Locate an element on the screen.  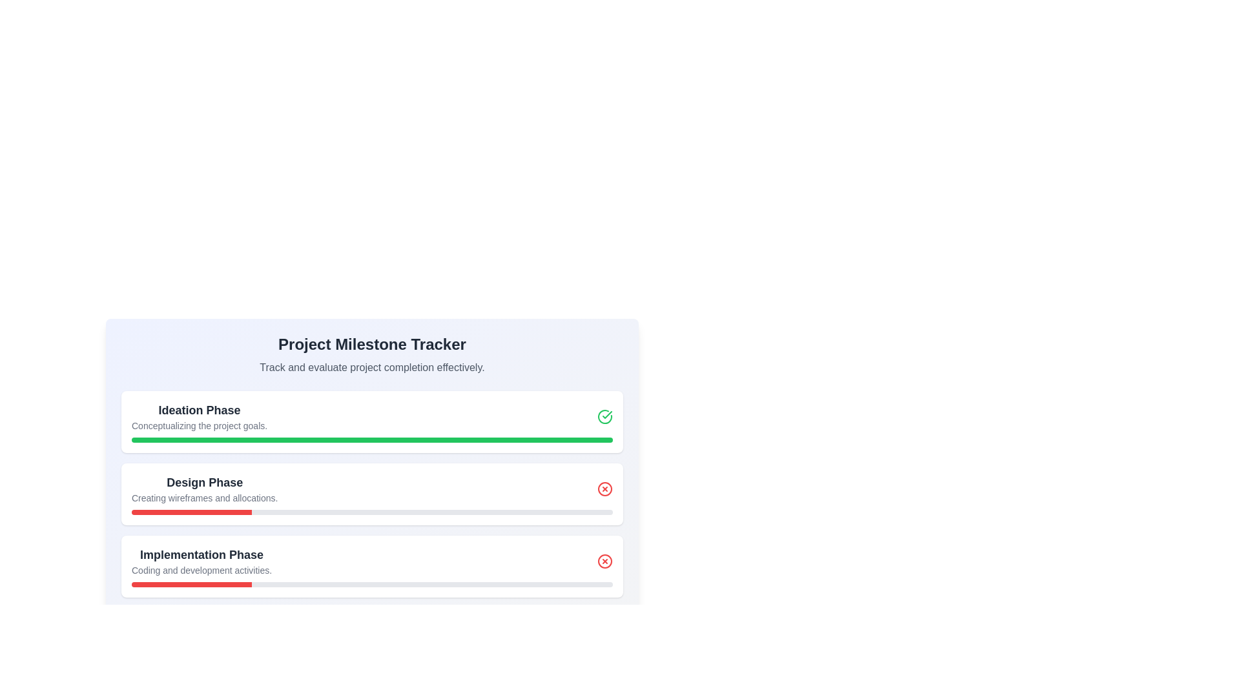
text label providing details about the ideation phase, which is located directly beneath the title 'Ideation Phase' and above a green progress bar is located at coordinates (199, 425).